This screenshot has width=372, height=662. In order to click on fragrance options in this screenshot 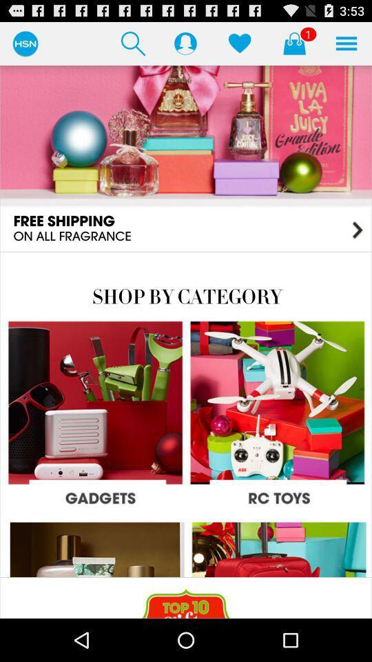, I will do `click(186, 158)`.